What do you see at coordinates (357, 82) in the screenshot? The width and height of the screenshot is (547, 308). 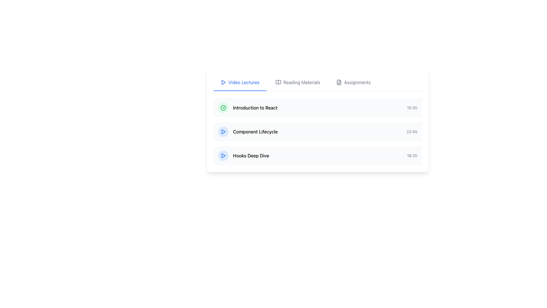 I see `the 'Assignments' text label located at the far right of the horizontal navigation bar` at bounding box center [357, 82].